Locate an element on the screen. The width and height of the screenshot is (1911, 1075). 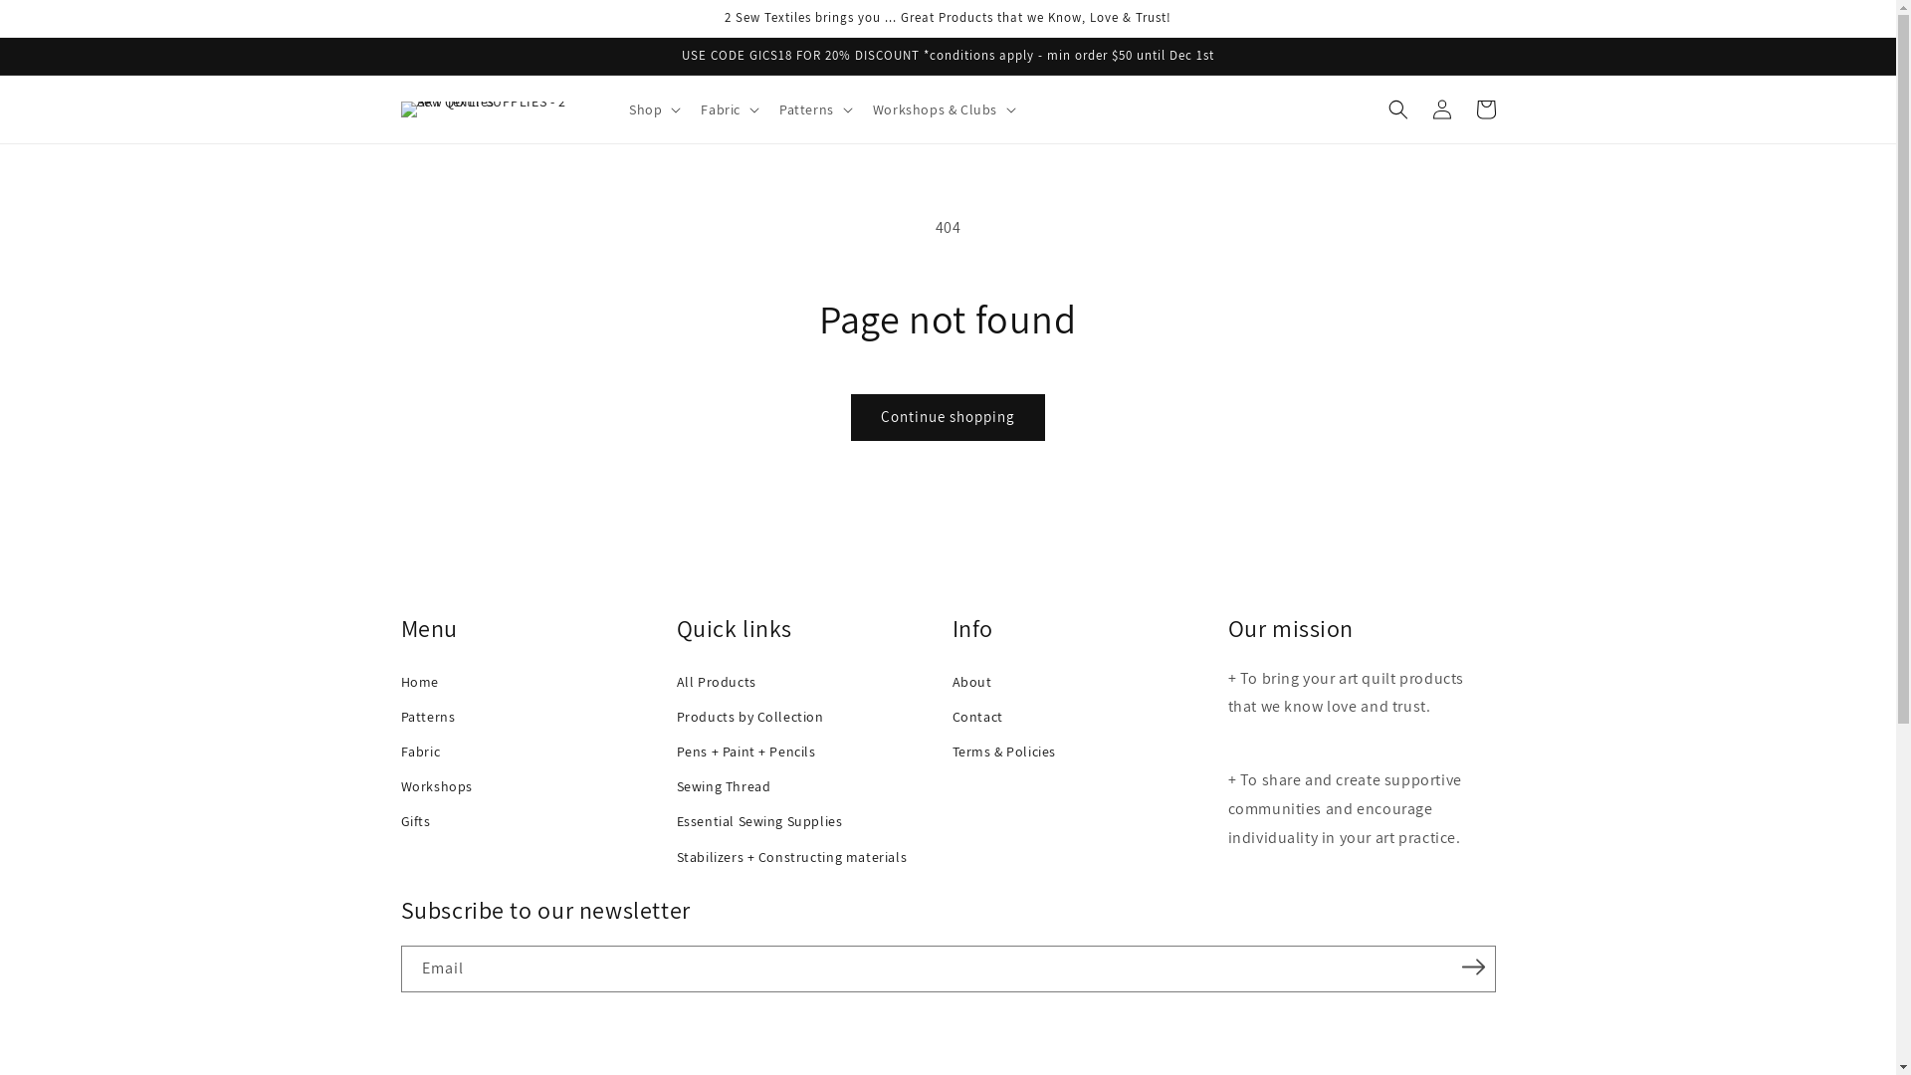
'Essential Sewing Supplies' is located at coordinates (677, 821).